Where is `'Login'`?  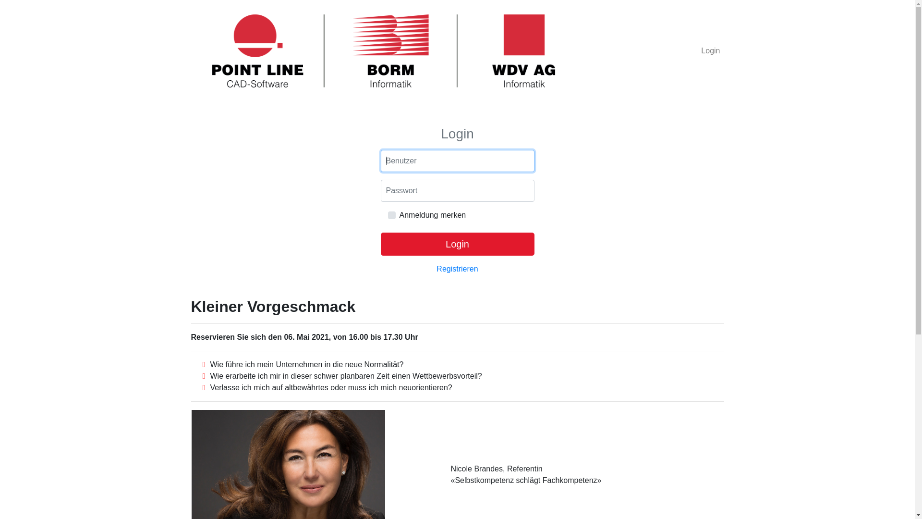 'Login' is located at coordinates (710, 50).